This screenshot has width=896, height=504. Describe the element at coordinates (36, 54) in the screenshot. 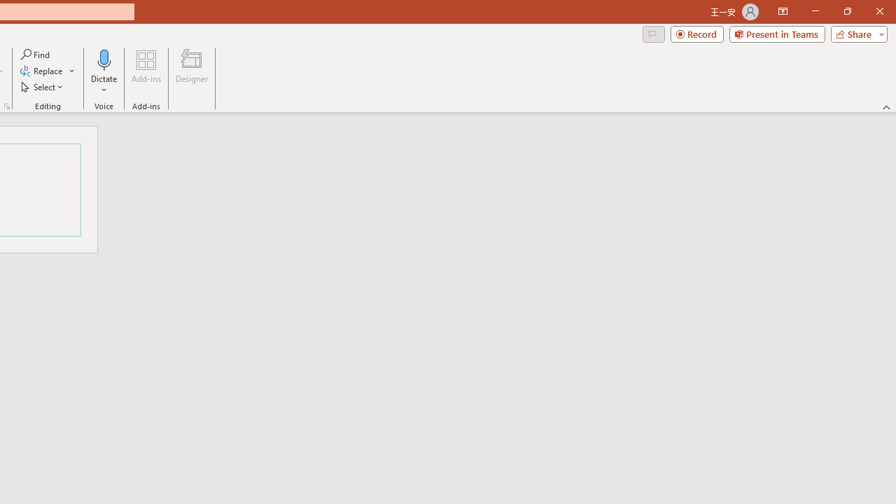

I see `'Find...'` at that location.